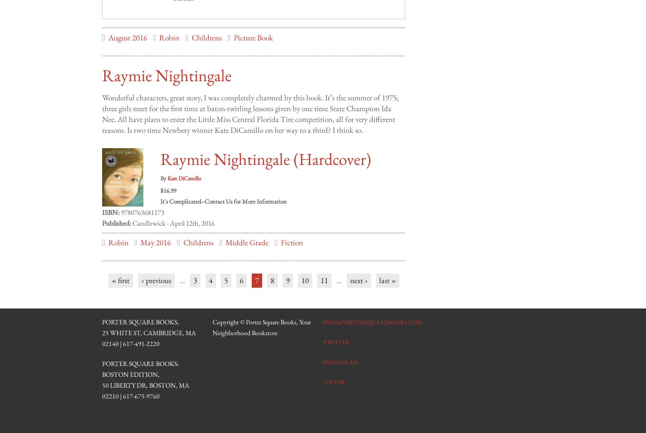 This screenshot has height=433, width=646. What do you see at coordinates (120, 272) in the screenshot?
I see `'« first'` at bounding box center [120, 272].